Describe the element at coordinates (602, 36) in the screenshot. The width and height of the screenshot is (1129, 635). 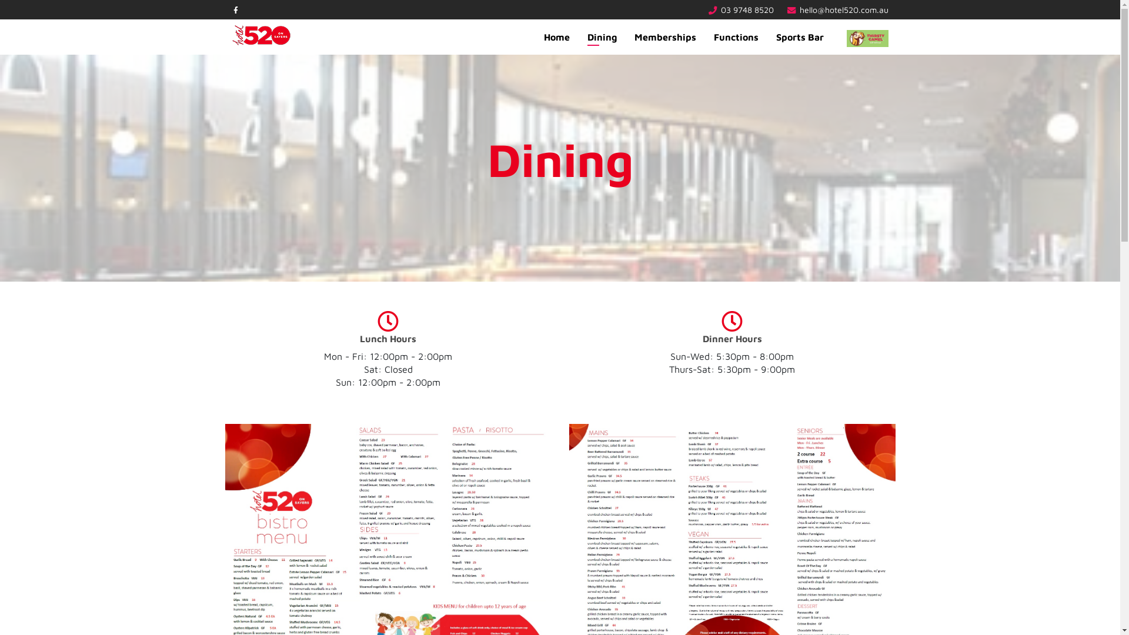
I see `'Dining'` at that location.